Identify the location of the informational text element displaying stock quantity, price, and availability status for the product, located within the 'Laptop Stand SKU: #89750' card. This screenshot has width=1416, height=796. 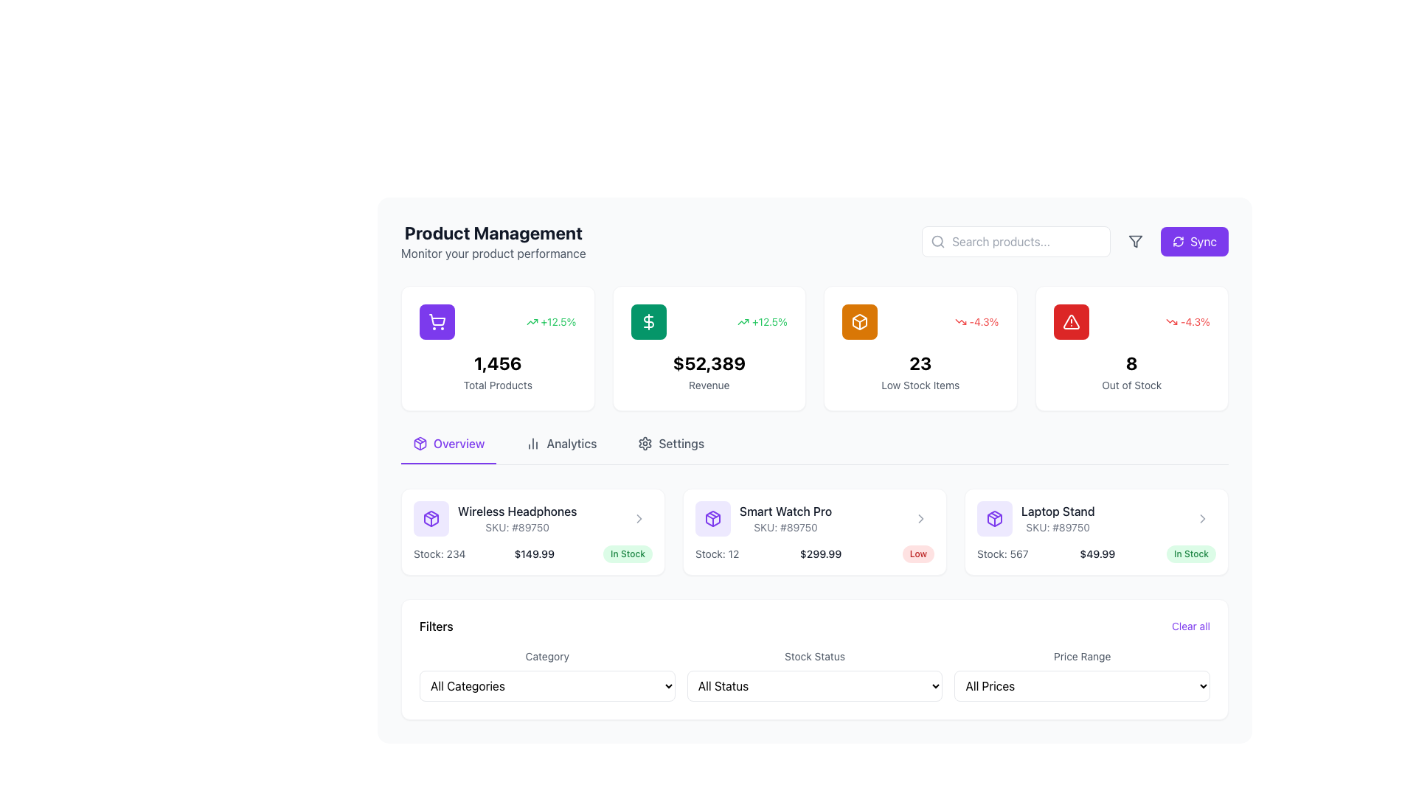
(1097, 554).